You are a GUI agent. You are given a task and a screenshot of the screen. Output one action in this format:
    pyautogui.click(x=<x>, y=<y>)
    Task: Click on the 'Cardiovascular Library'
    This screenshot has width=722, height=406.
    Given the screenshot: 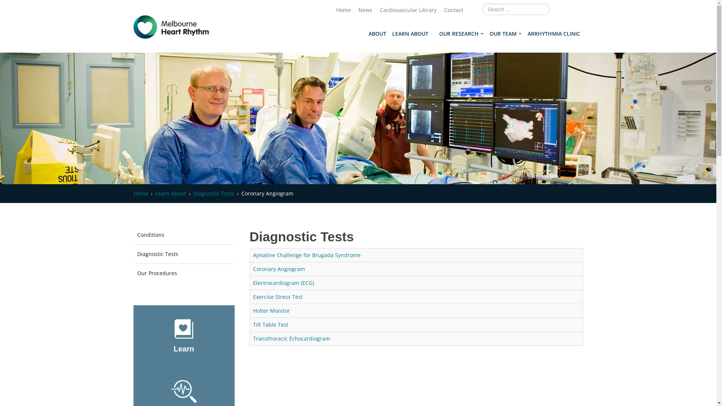 What is the action you would take?
    pyautogui.click(x=408, y=10)
    